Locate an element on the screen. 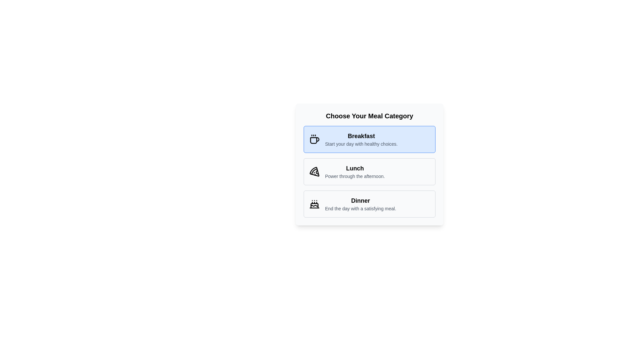 The width and height of the screenshot is (633, 356). the 'Lunch' text block, which features a bold title and descriptive text, positioned in the second option of a vertically stacked menu of meal categories is located at coordinates (354, 171).